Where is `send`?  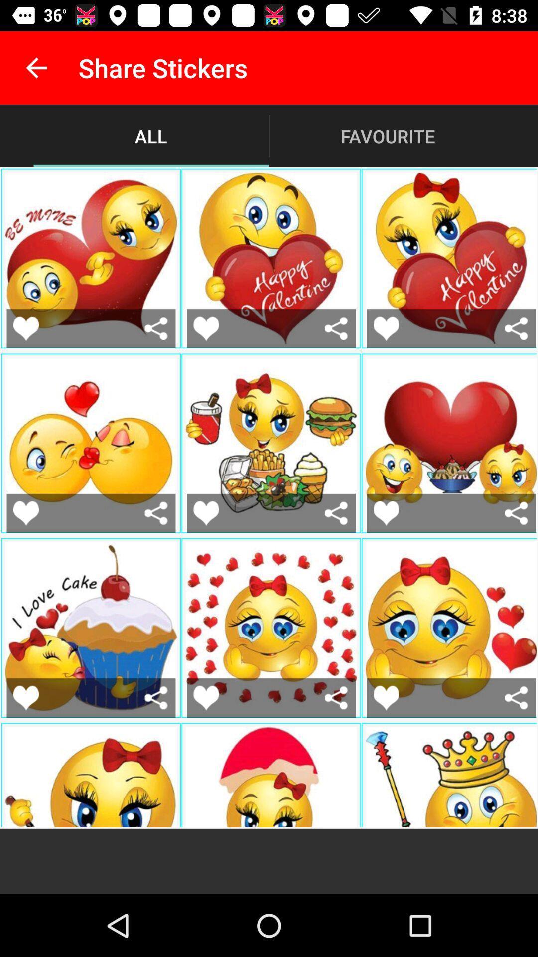
send is located at coordinates (336, 697).